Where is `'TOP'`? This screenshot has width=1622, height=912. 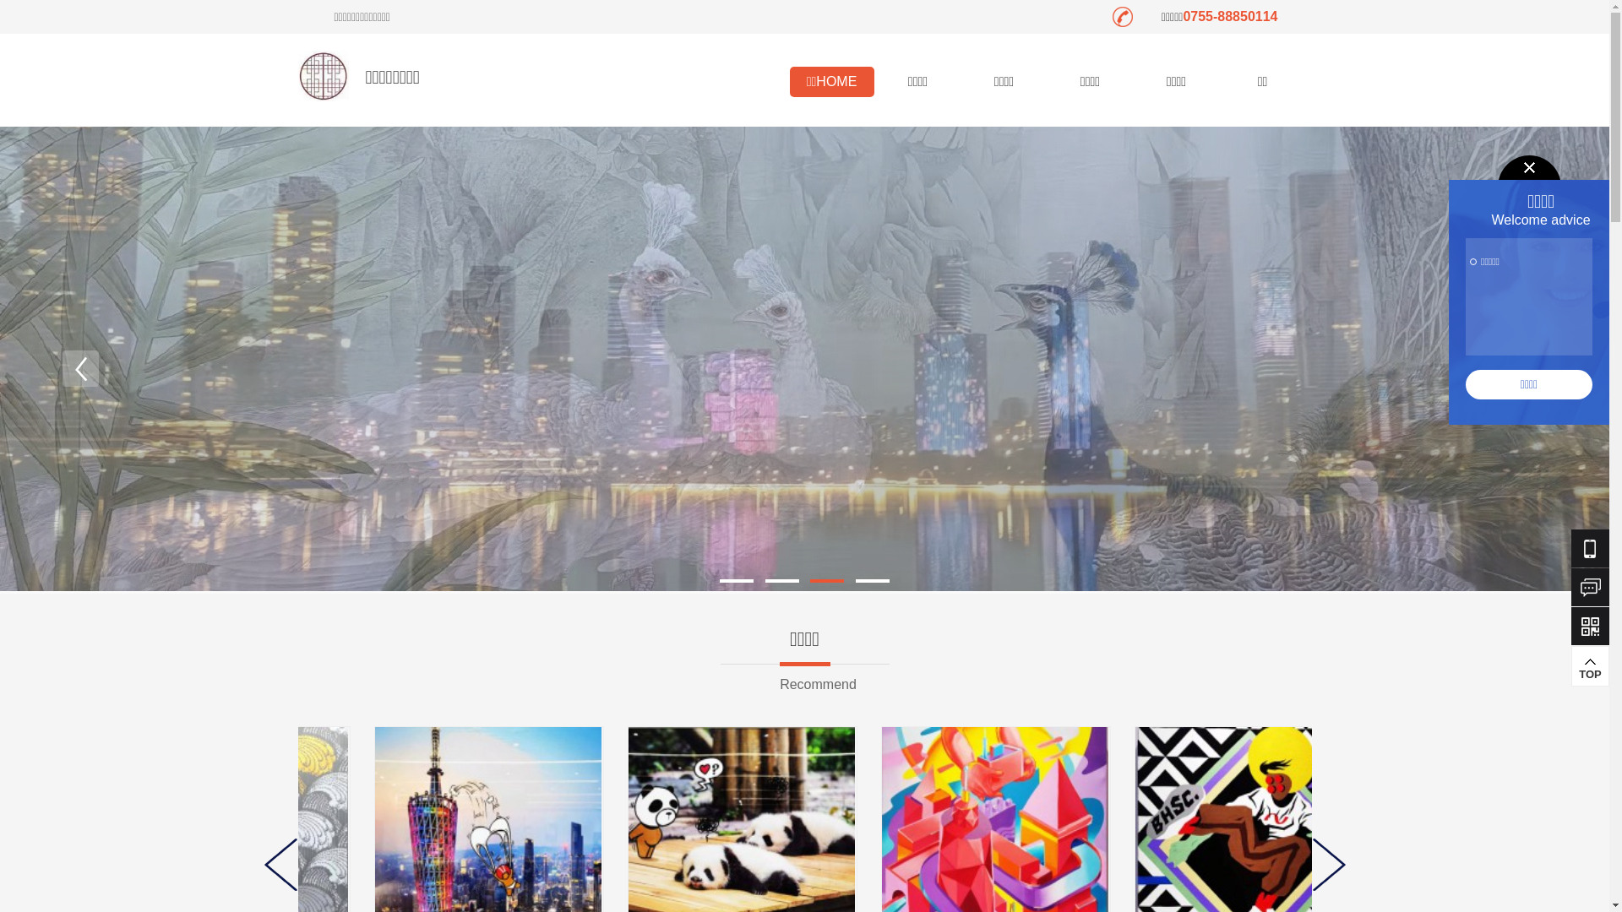
'TOP' is located at coordinates (1570, 664).